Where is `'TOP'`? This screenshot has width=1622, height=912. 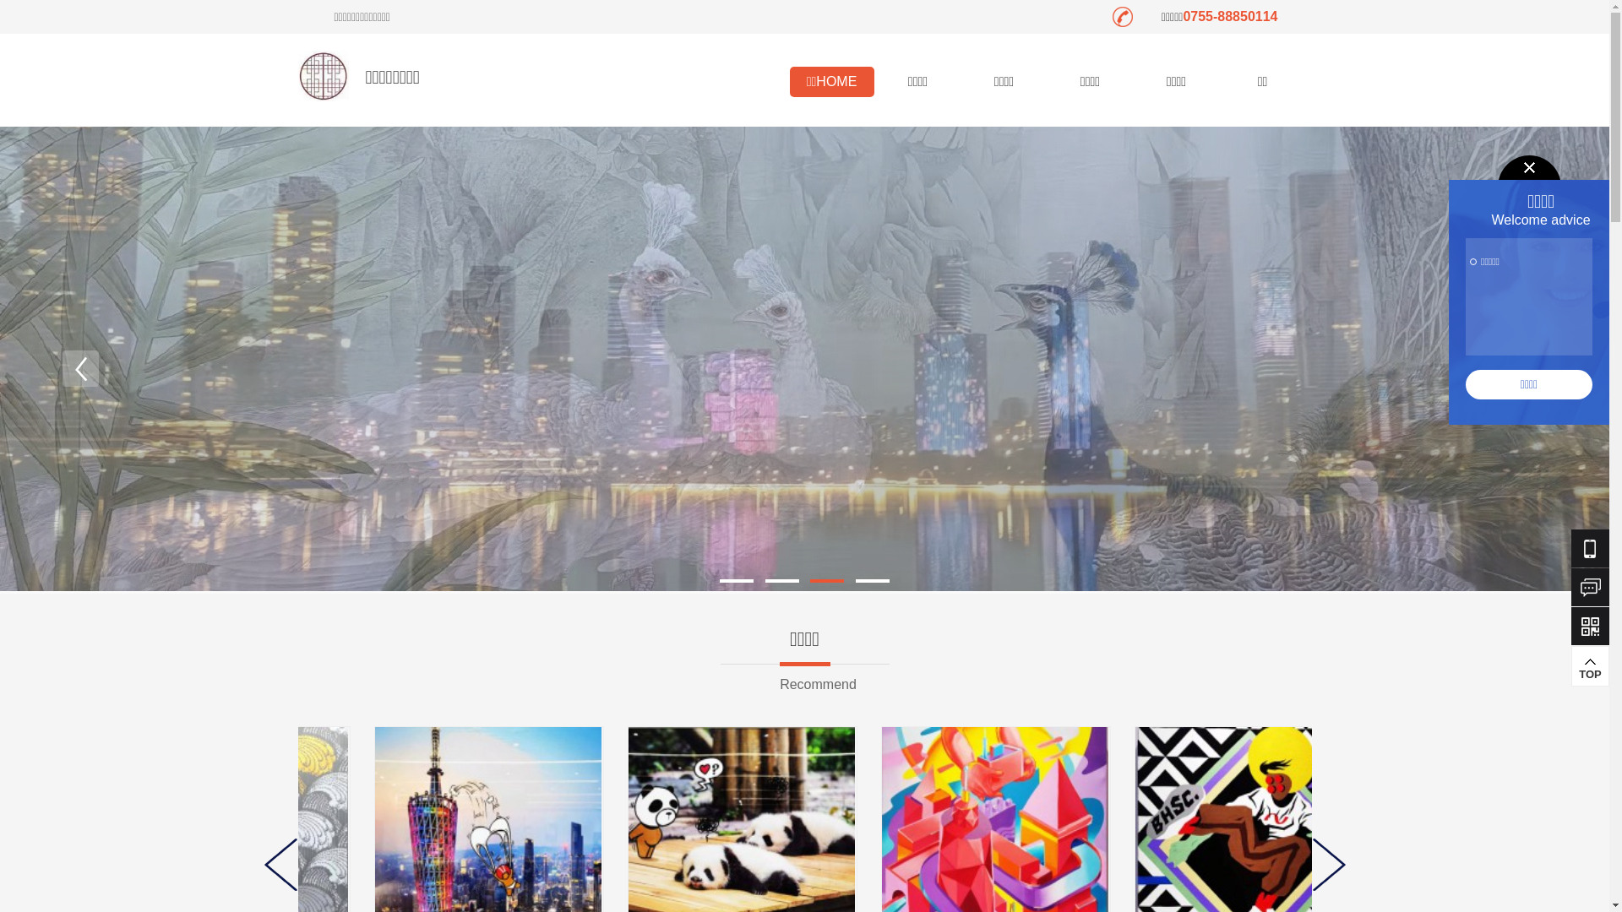
'TOP' is located at coordinates (1570, 664).